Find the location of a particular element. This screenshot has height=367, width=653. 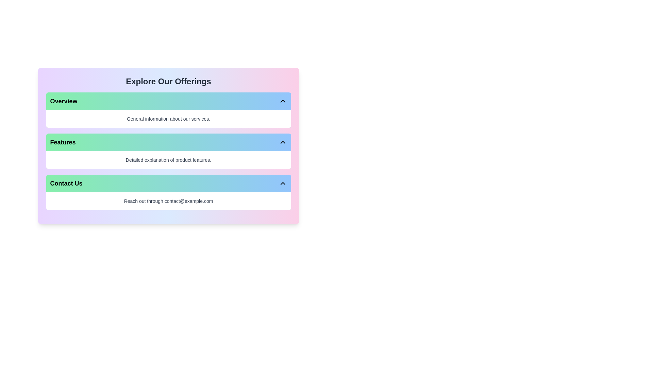

the static text element displaying 'General information about our services.' located beneath the 'Overview' header is located at coordinates (168, 119).